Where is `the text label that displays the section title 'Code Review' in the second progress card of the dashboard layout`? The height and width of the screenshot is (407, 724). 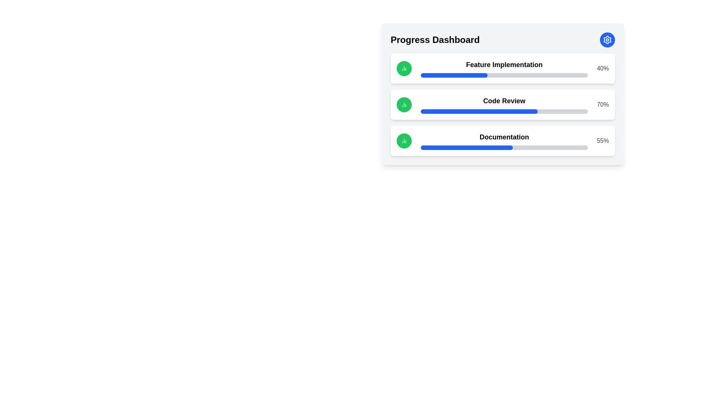
the text label that displays the section title 'Code Review' in the second progress card of the dashboard layout is located at coordinates (504, 104).